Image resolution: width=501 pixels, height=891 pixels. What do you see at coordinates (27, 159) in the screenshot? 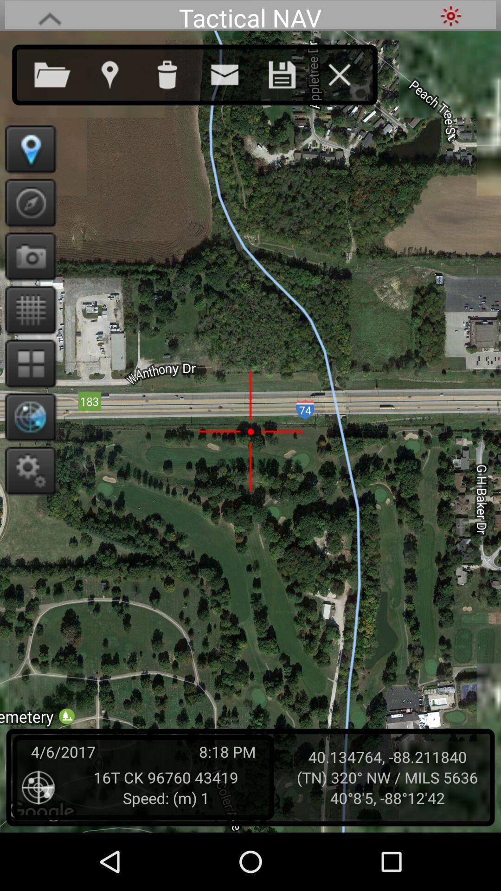
I see `the location icon` at bounding box center [27, 159].